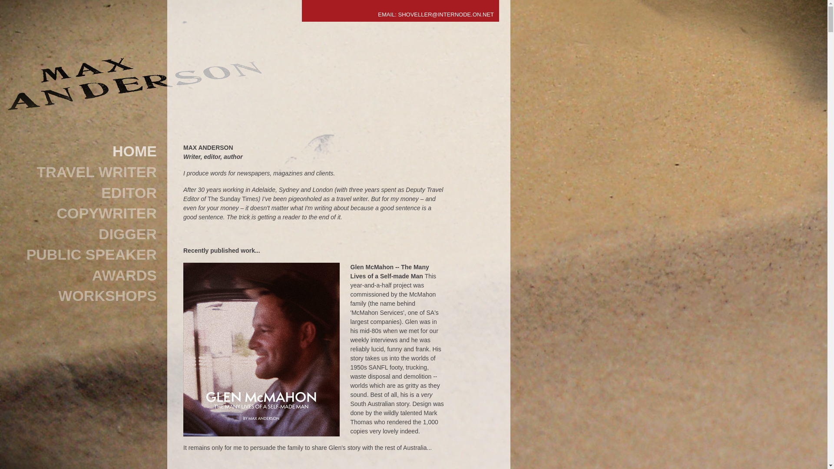 This screenshot has width=834, height=469. What do you see at coordinates (87, 214) in the screenshot?
I see `'COPYWRITER'` at bounding box center [87, 214].